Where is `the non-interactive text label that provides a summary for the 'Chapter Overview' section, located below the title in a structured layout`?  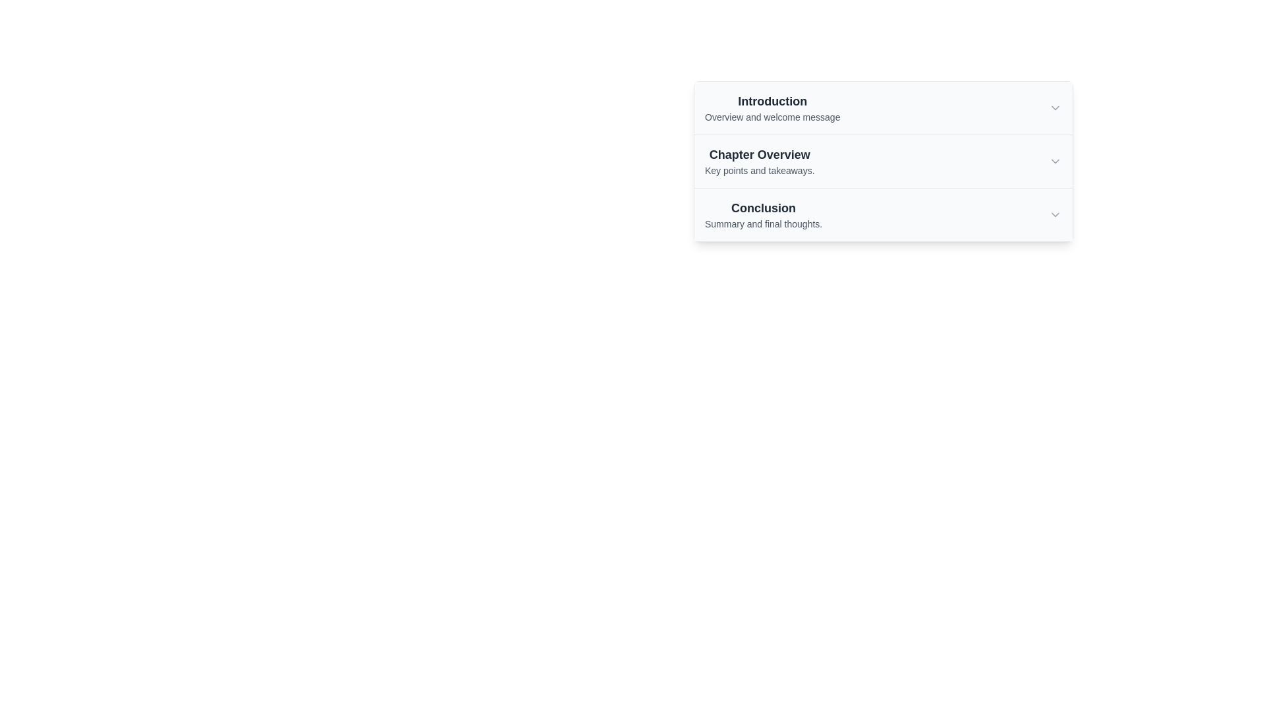 the non-interactive text label that provides a summary for the 'Chapter Overview' section, located below the title in a structured layout is located at coordinates (760, 169).